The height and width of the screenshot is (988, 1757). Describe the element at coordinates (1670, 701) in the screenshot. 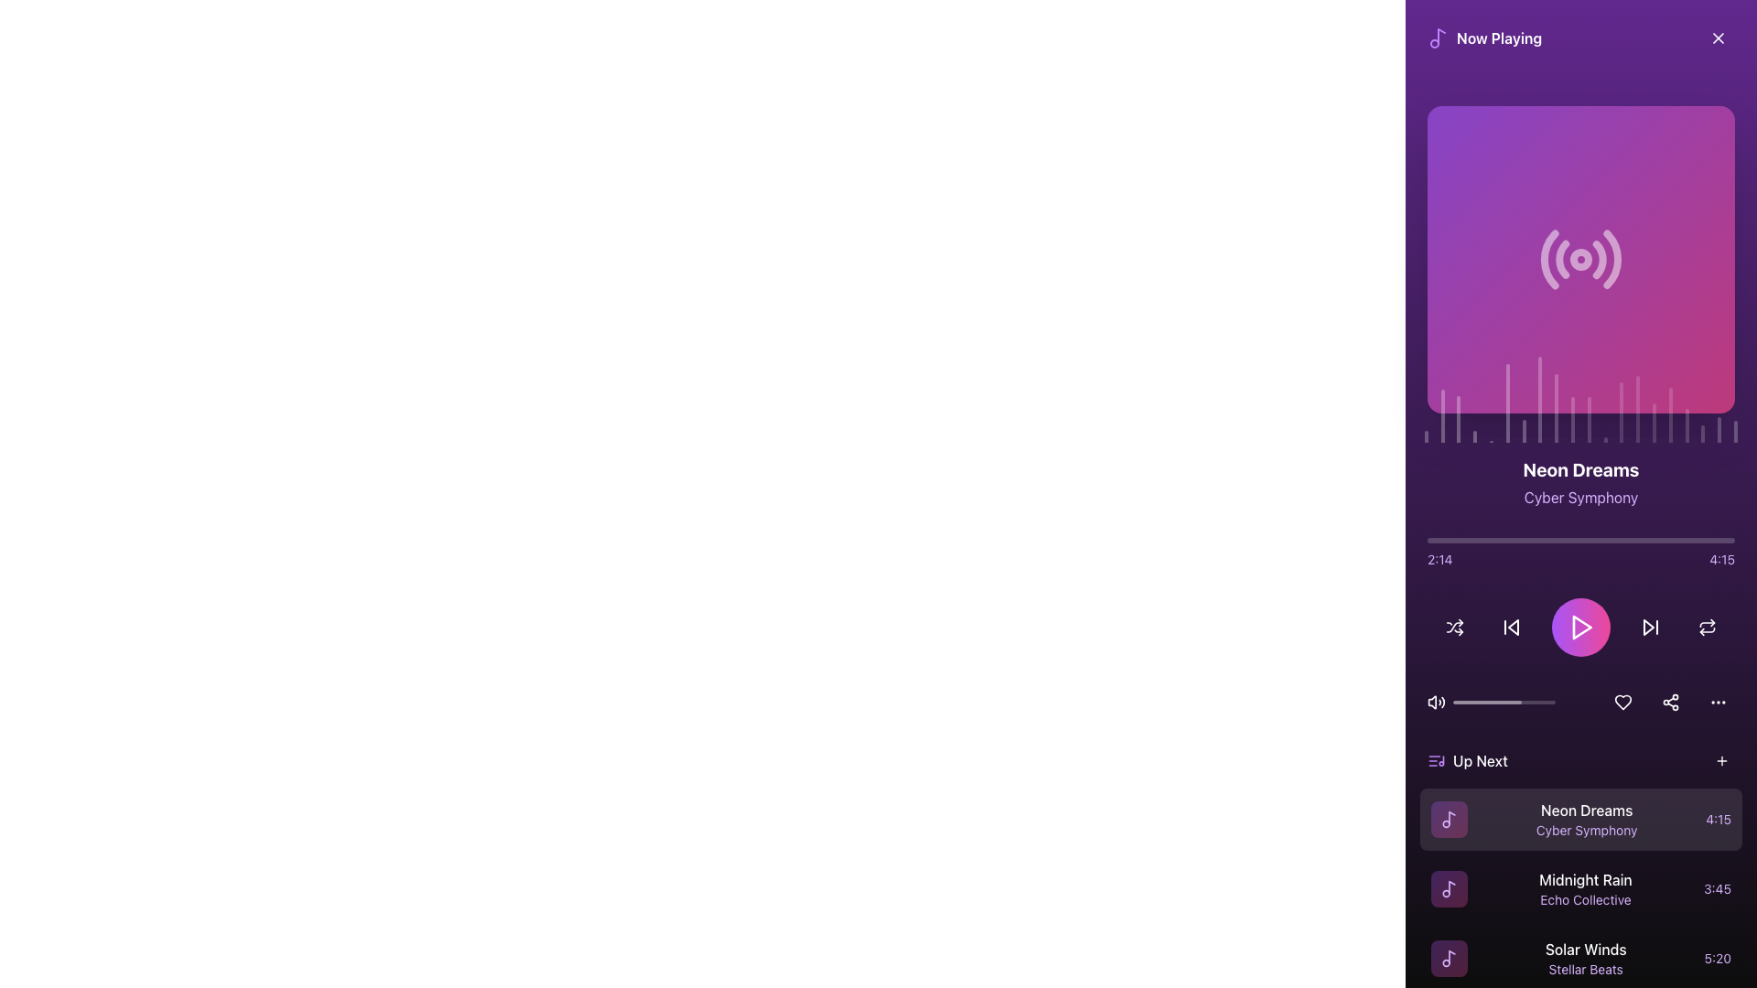

I see `the share button, which is the second icon from the left in a group of three, styled as a minimalist white outline share icon, located at the bottom-right section of the 'Now Playing' panel` at that location.